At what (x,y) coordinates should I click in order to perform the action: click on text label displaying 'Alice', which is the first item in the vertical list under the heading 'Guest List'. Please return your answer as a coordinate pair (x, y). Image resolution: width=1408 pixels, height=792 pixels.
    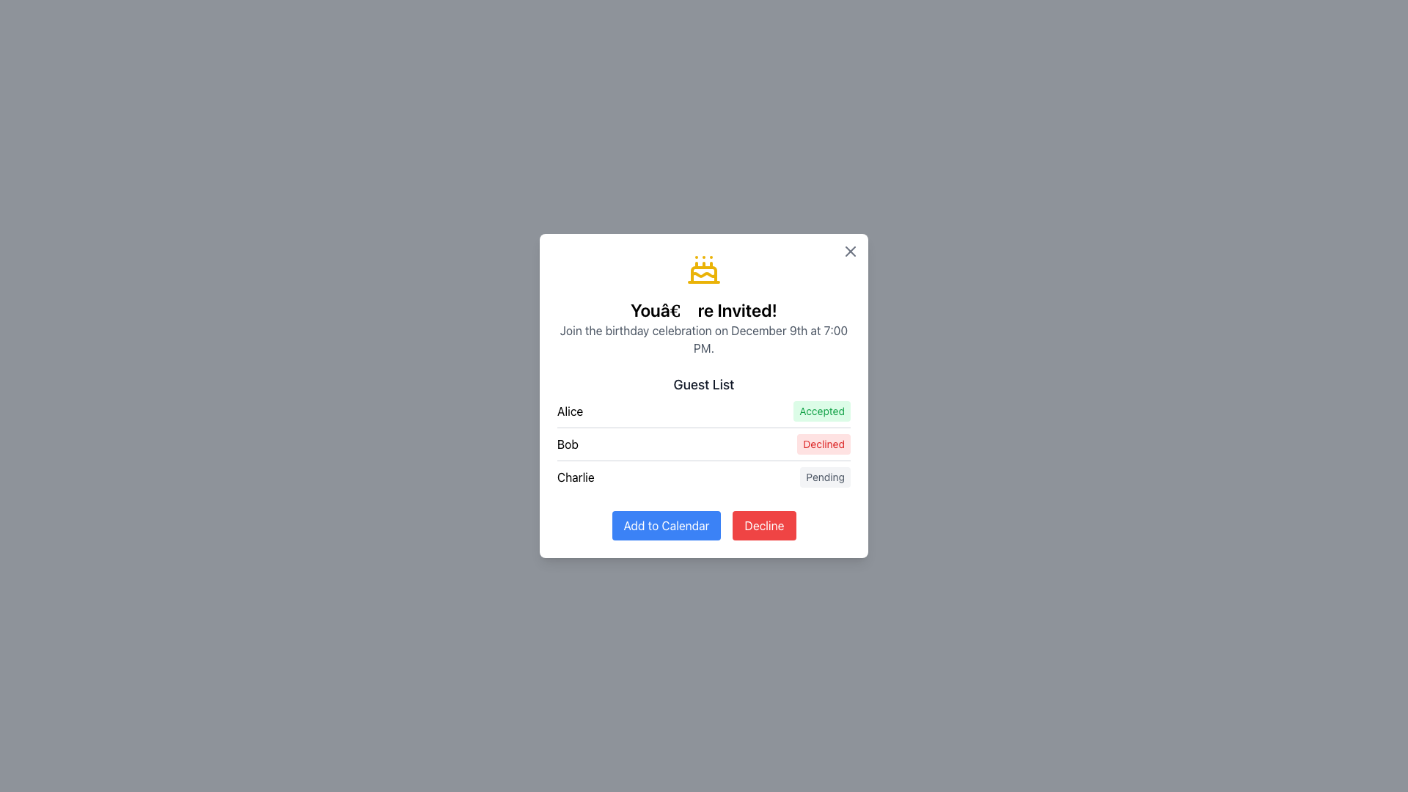
    Looking at the image, I should click on (569, 411).